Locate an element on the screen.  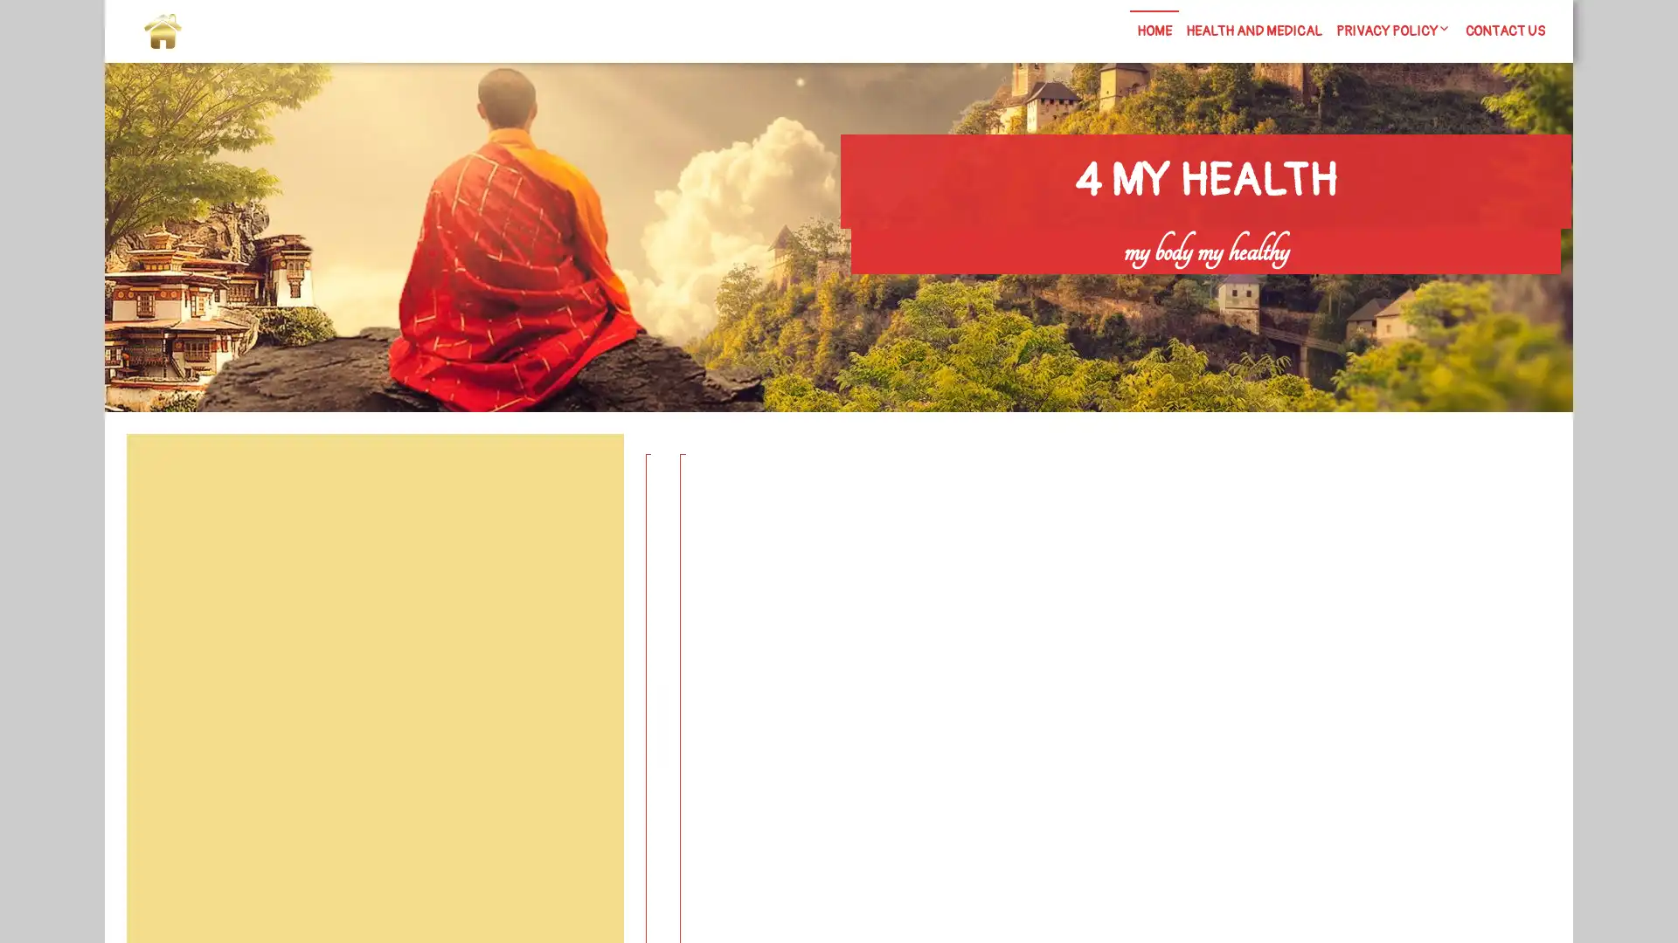
Search is located at coordinates (1361, 286).